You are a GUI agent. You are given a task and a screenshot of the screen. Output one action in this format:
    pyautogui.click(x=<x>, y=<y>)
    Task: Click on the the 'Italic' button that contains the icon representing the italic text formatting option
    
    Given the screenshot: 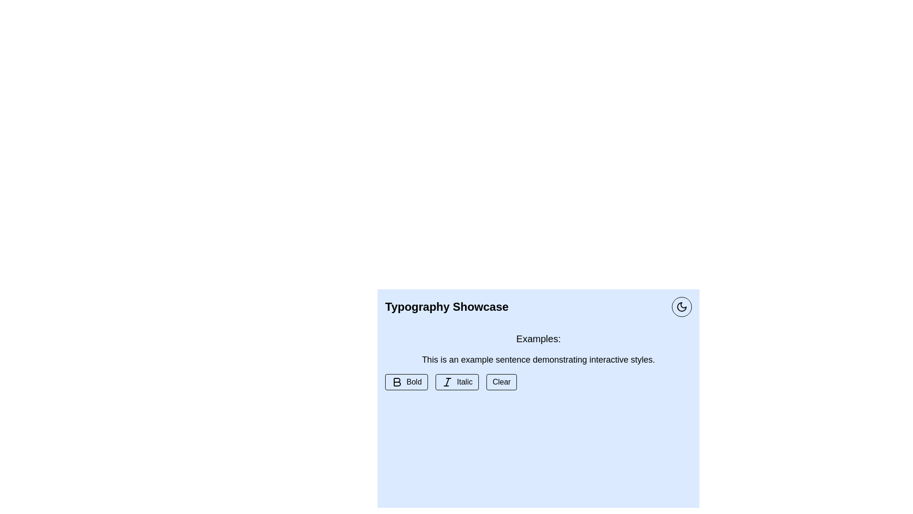 What is the action you would take?
    pyautogui.click(x=447, y=381)
    